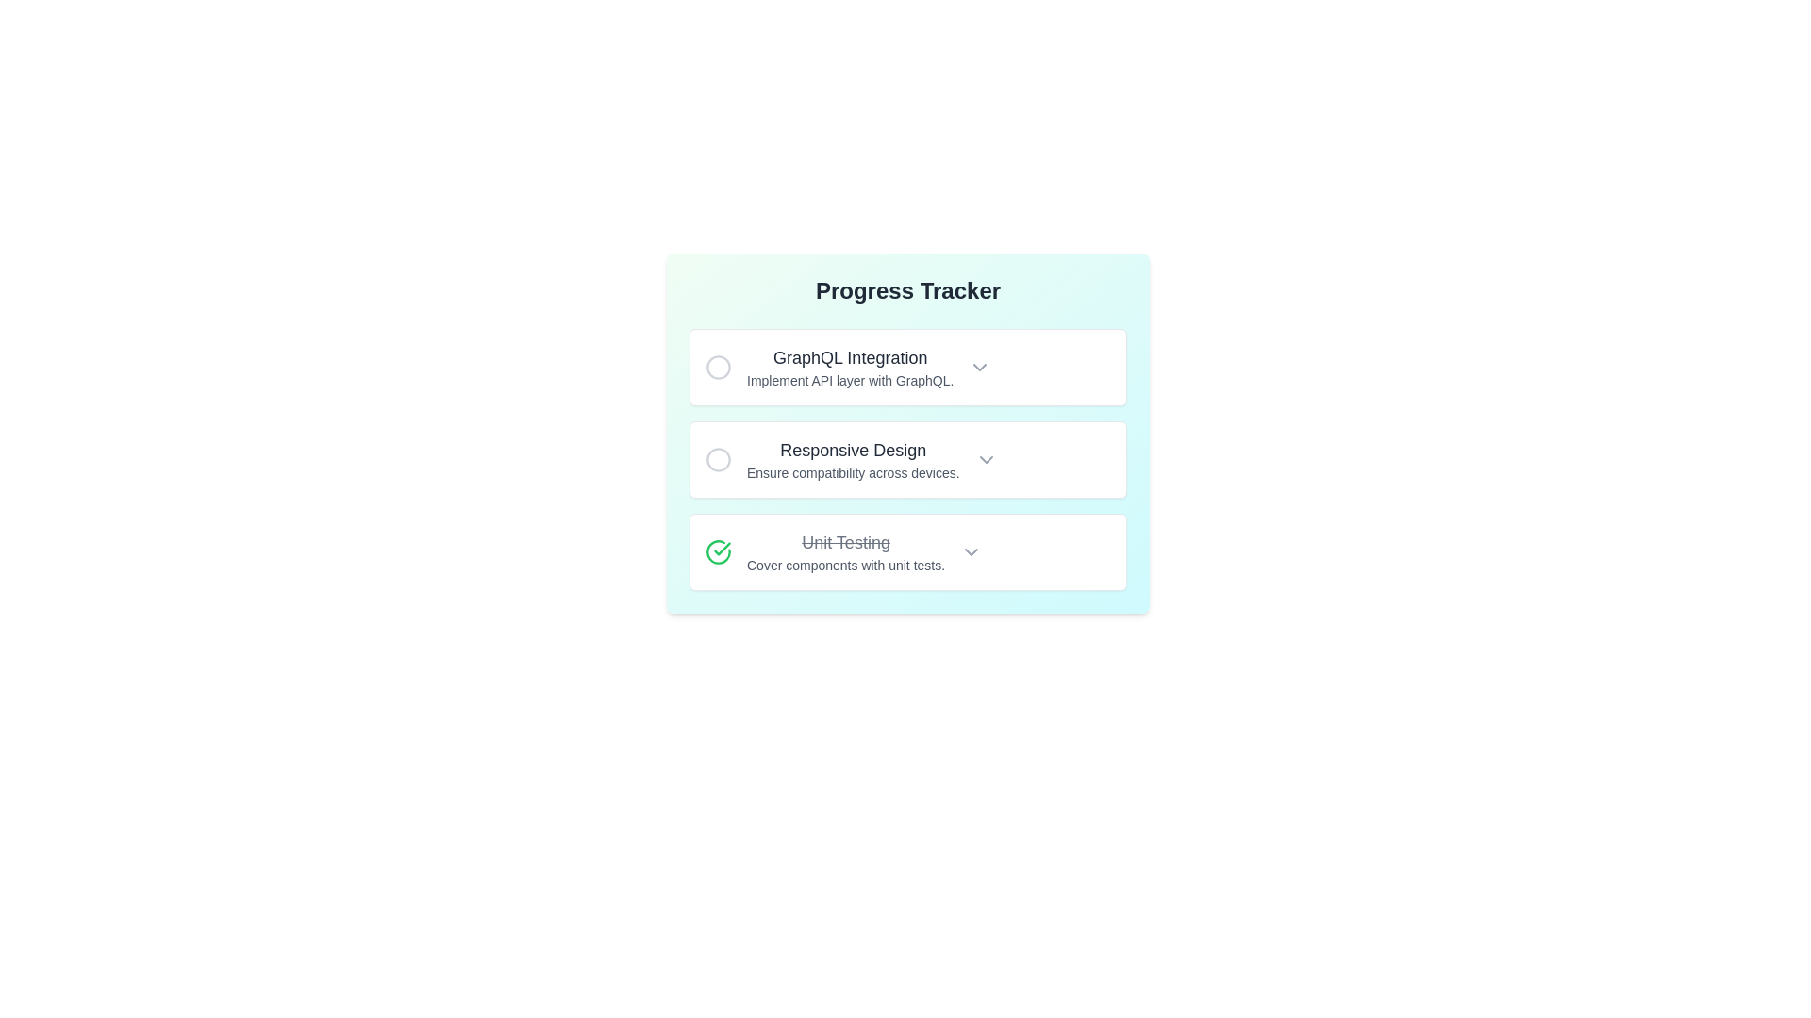  Describe the element at coordinates (718, 551) in the screenshot. I see `the green checkmark icon enclosed within a circle, which is located to the left of the strikethrough text 'Unit Testing' in the Progress Tracker` at that location.